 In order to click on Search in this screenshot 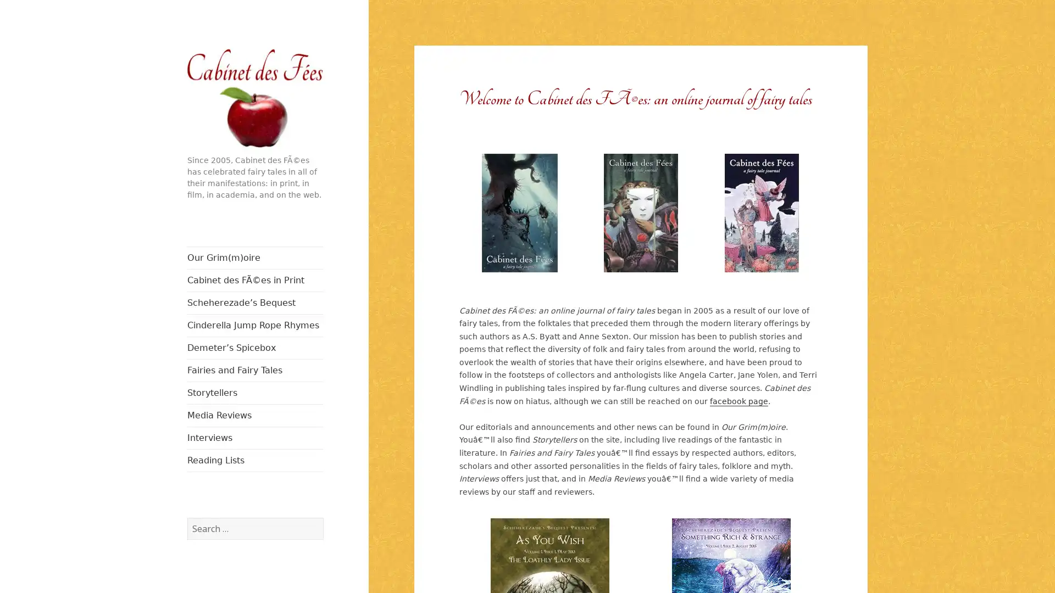, I will do `click(322, 517)`.